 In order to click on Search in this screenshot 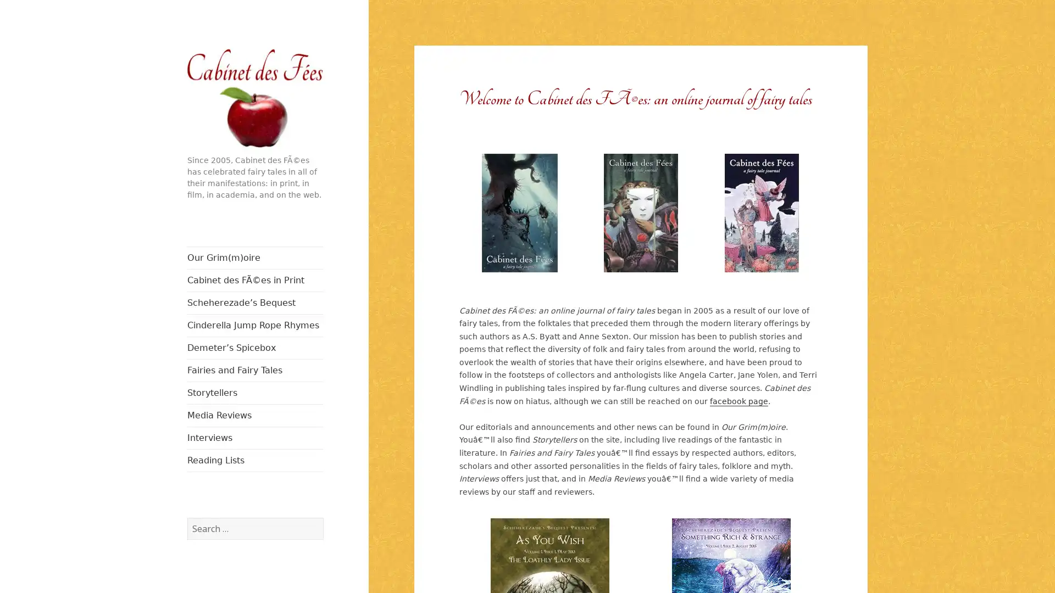, I will do `click(322, 517)`.